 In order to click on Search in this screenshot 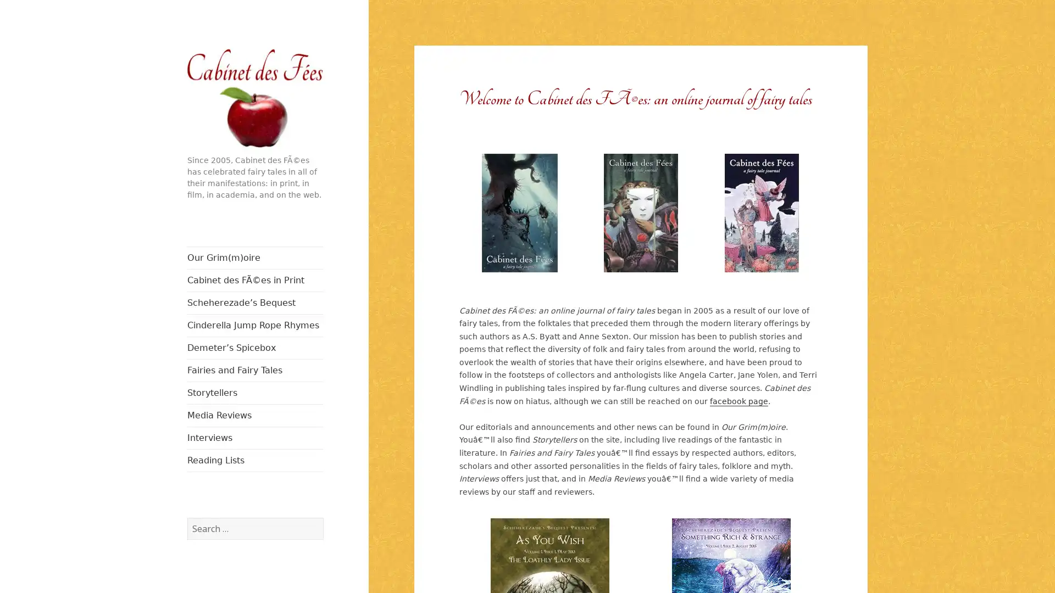, I will do `click(322, 517)`.